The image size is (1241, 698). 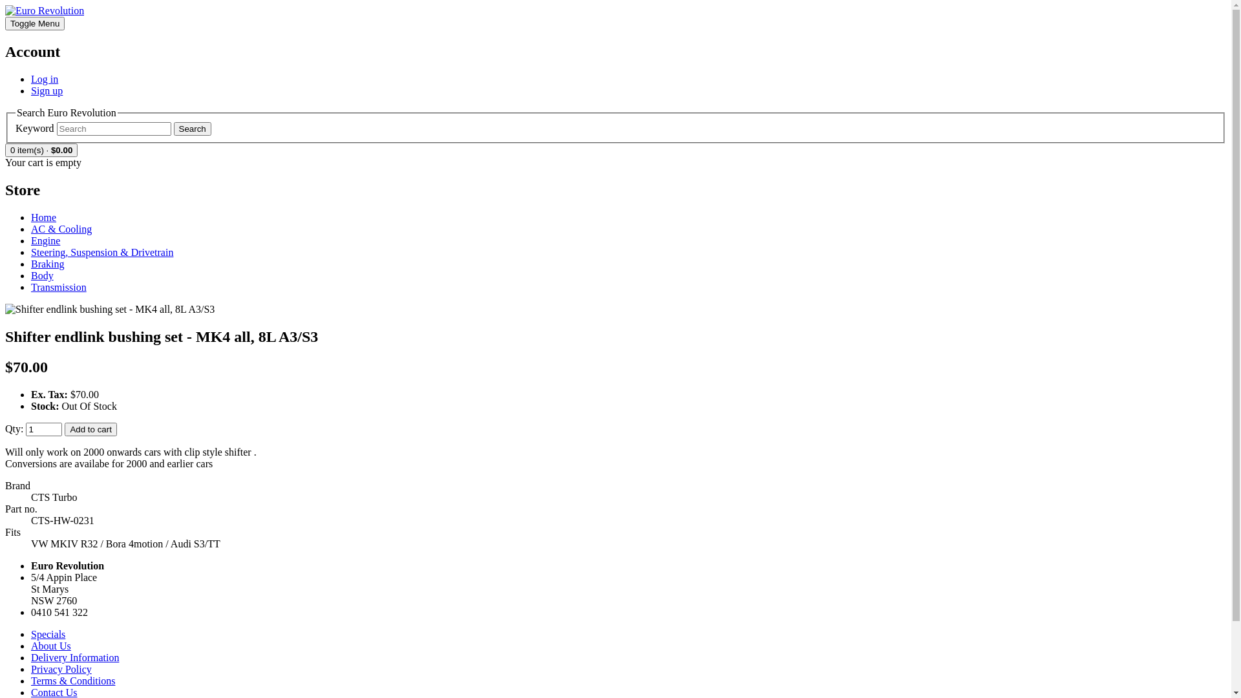 I want to click on 'Delivery Information', so click(x=74, y=657).